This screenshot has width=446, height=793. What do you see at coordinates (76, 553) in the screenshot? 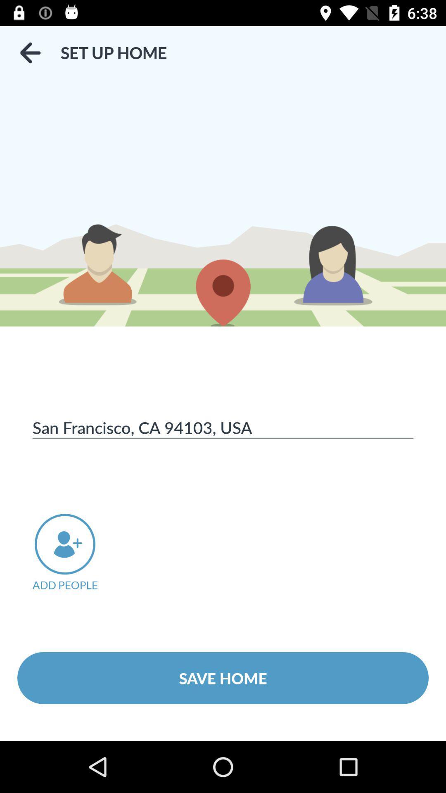
I see `add people` at bounding box center [76, 553].